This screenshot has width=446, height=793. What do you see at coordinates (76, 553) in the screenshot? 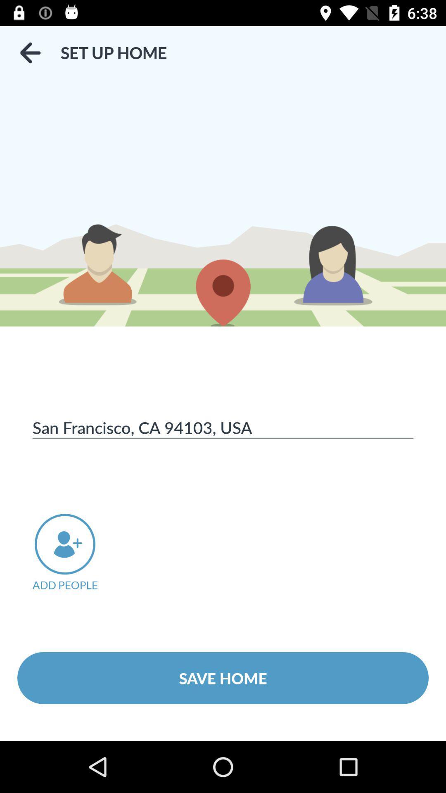
I see `add people` at bounding box center [76, 553].